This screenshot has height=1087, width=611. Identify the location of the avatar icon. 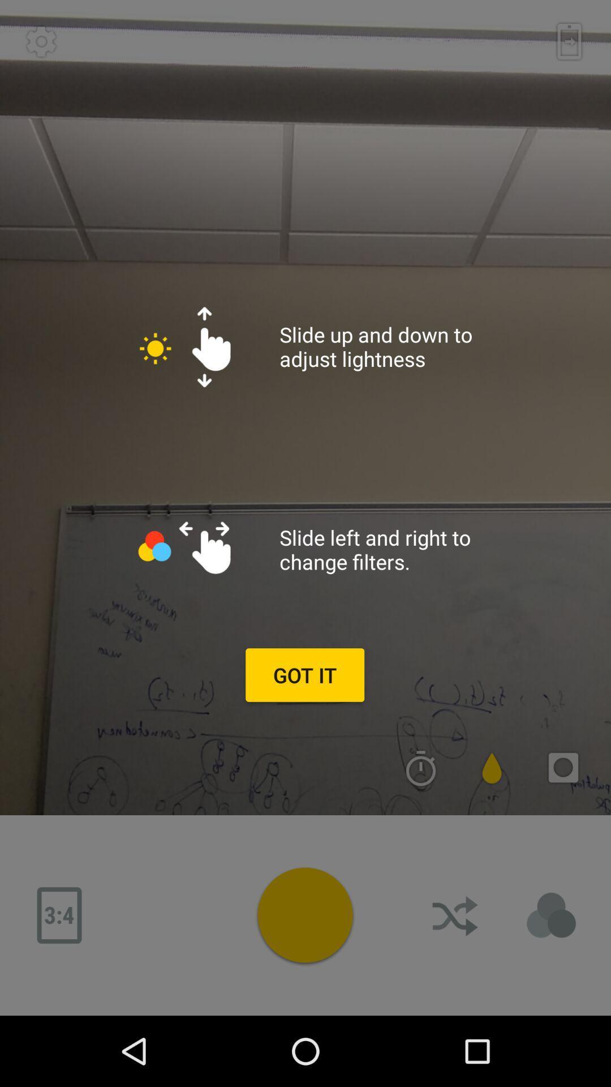
(304, 915).